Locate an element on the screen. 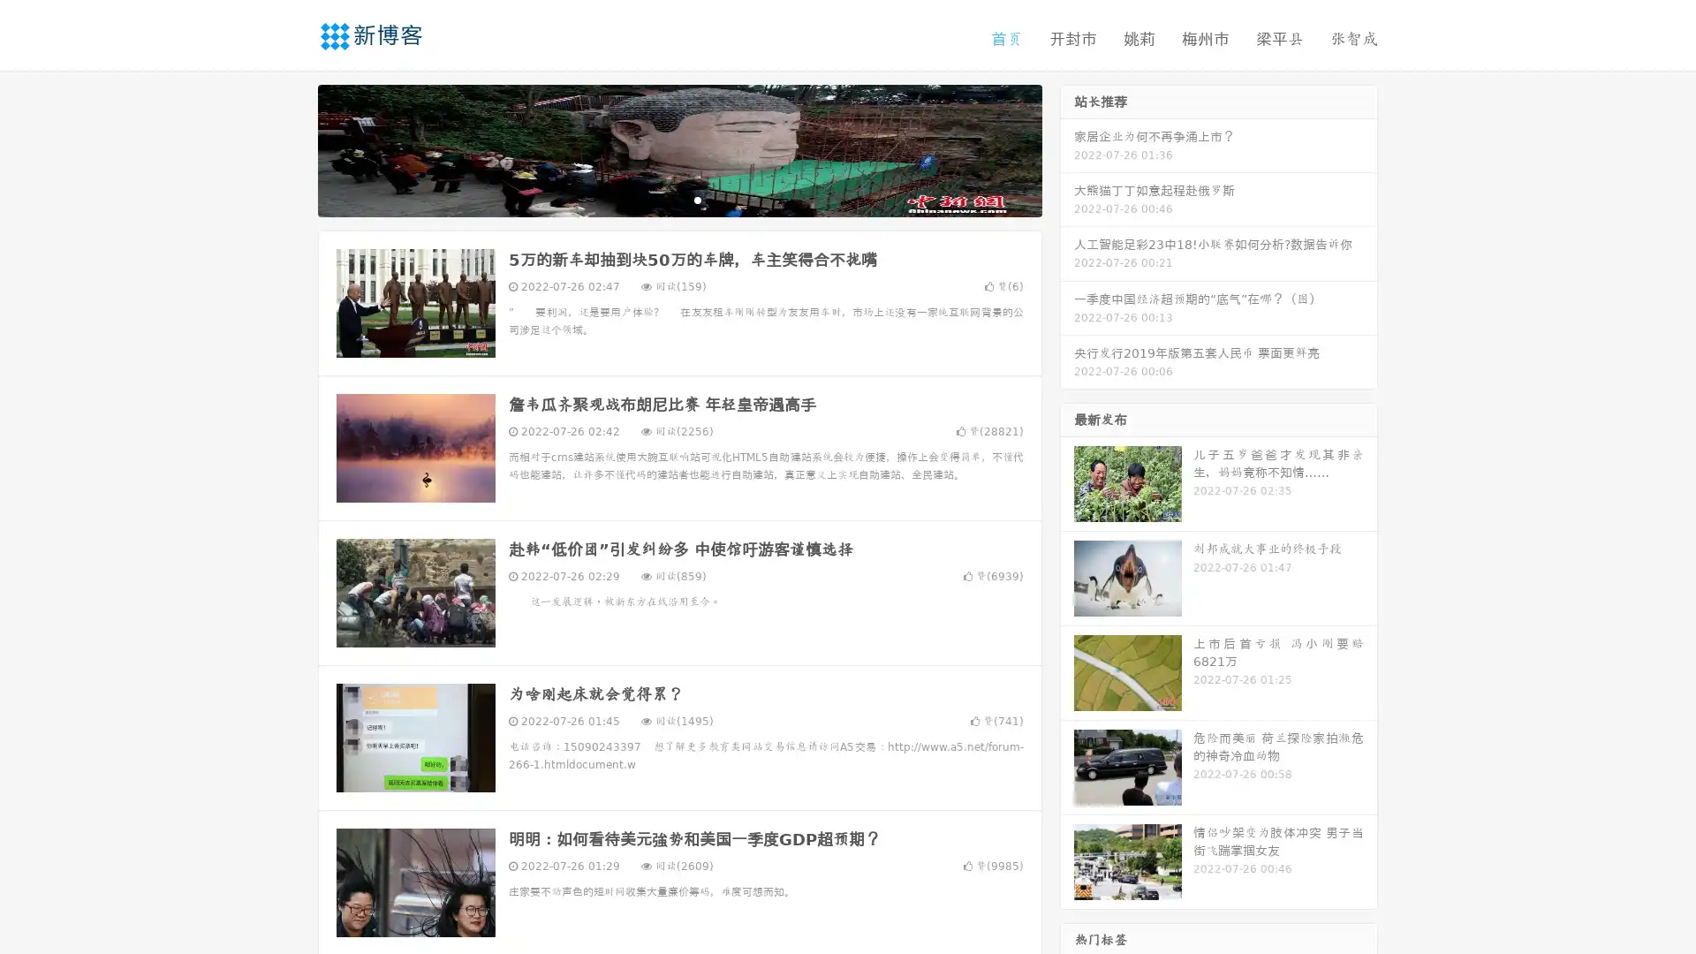 This screenshot has width=1696, height=954. Go to slide 1 is located at coordinates (661, 199).